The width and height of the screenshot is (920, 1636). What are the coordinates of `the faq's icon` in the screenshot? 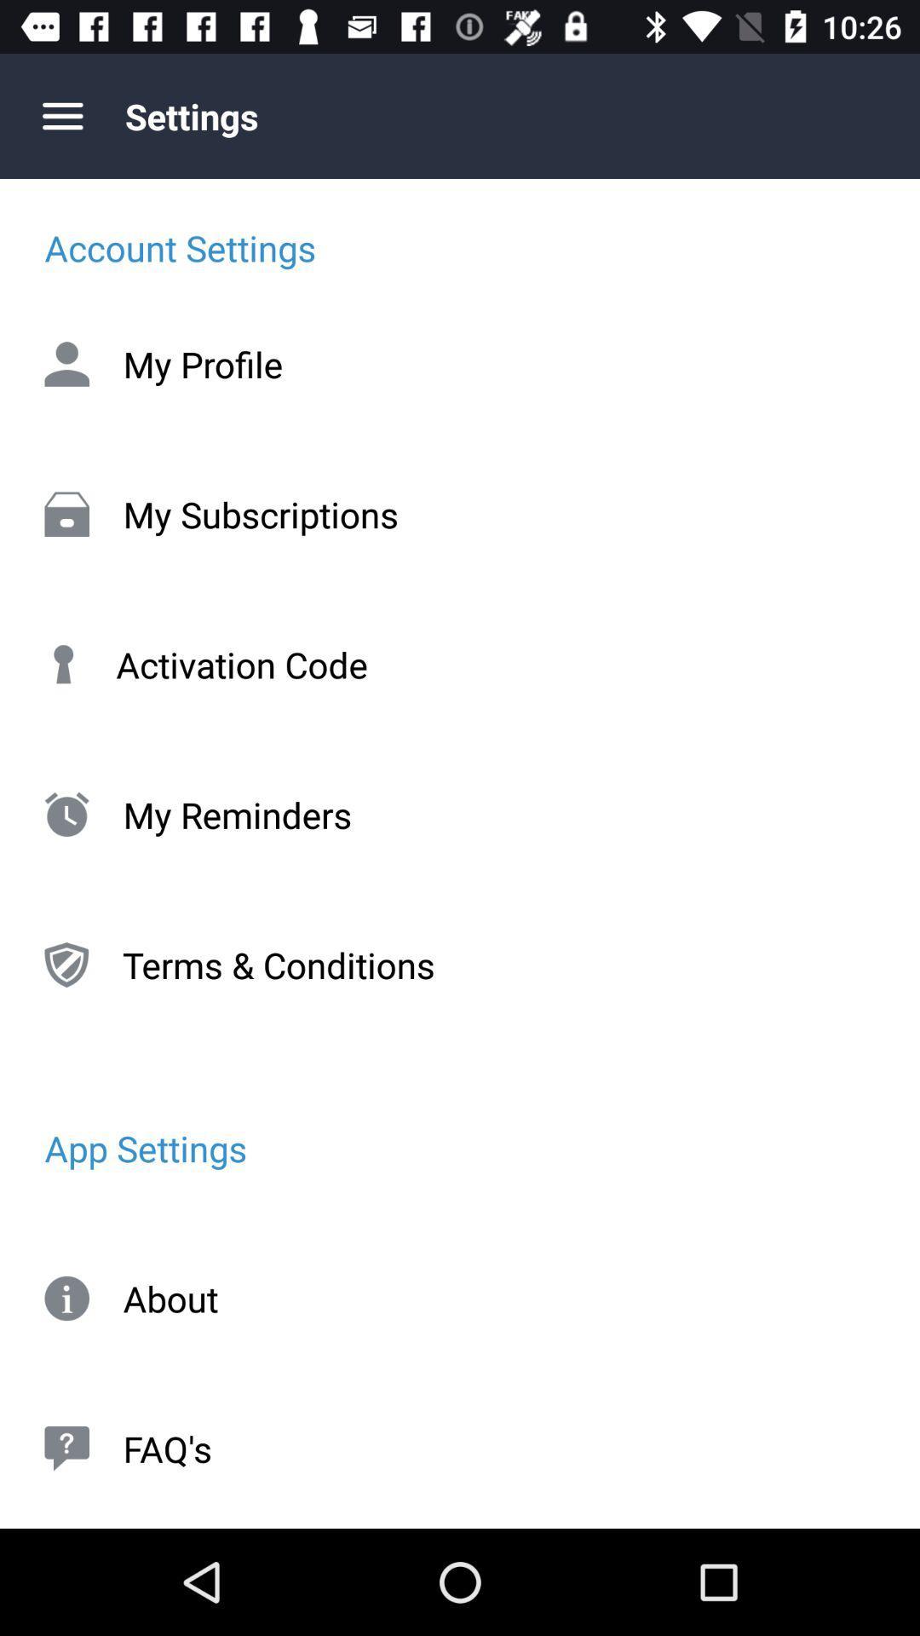 It's located at (460, 1448).